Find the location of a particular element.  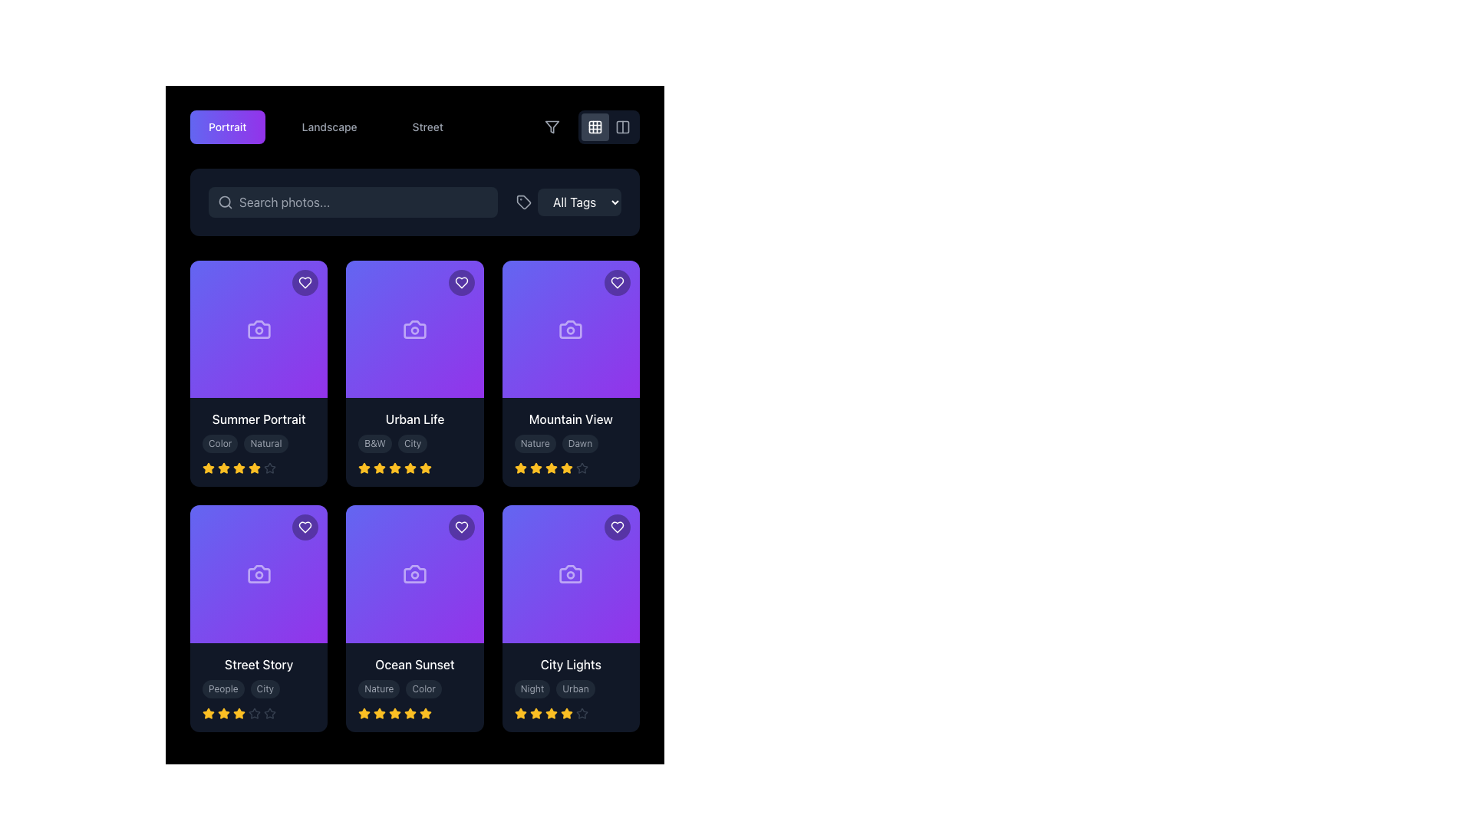

the amber star-shaped icon in the rating section of the 'Ocean Sunset' card to modify the rating is located at coordinates (410, 713).